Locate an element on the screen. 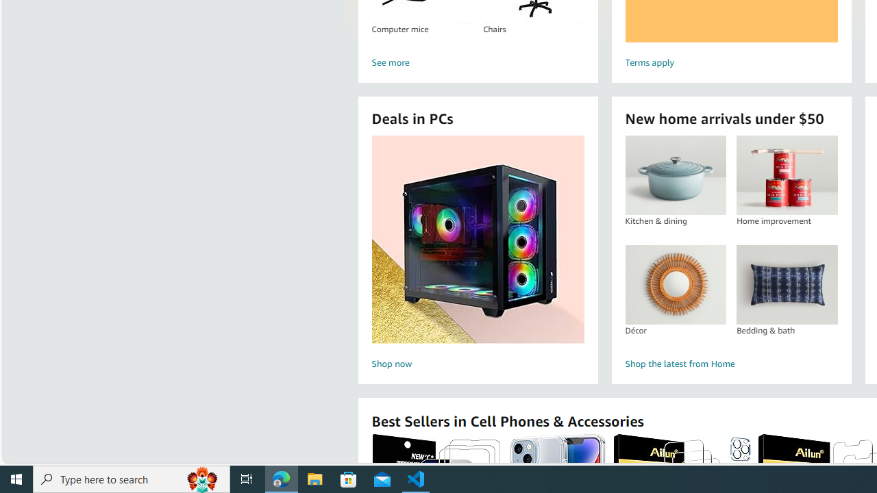 This screenshot has width=877, height=493. 'Kitchen & dining' is located at coordinates (676, 175).